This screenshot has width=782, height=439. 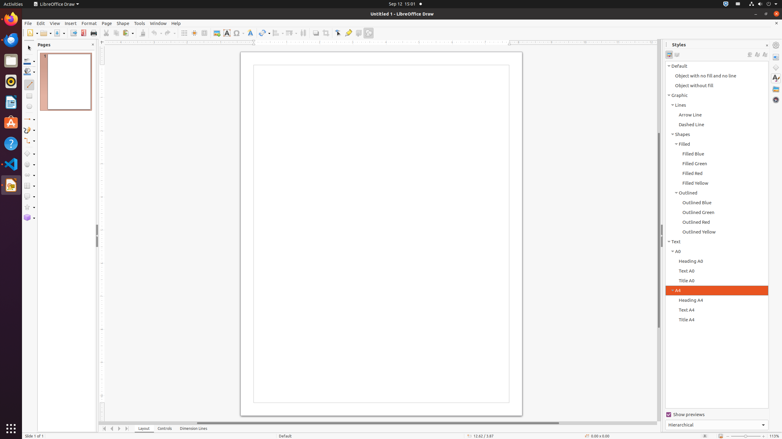 I want to click on 'Fontwork Style', so click(x=250, y=33).